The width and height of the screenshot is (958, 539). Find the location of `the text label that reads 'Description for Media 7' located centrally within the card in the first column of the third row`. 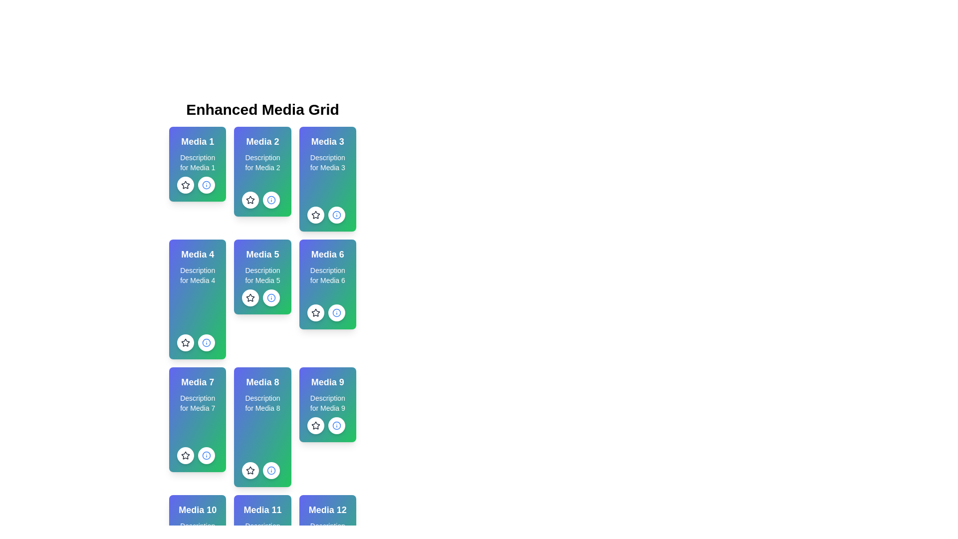

the text label that reads 'Description for Media 7' located centrally within the card in the first column of the third row is located at coordinates (198, 402).